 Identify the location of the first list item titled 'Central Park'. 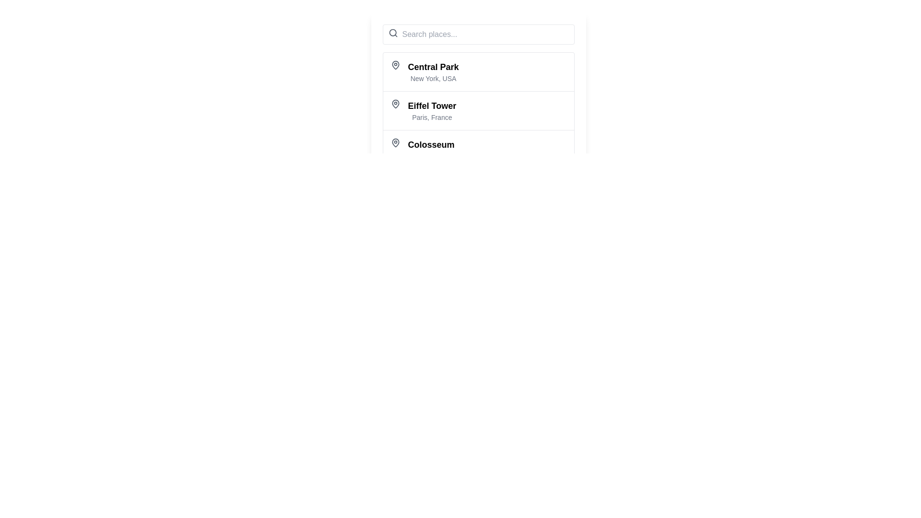
(478, 71).